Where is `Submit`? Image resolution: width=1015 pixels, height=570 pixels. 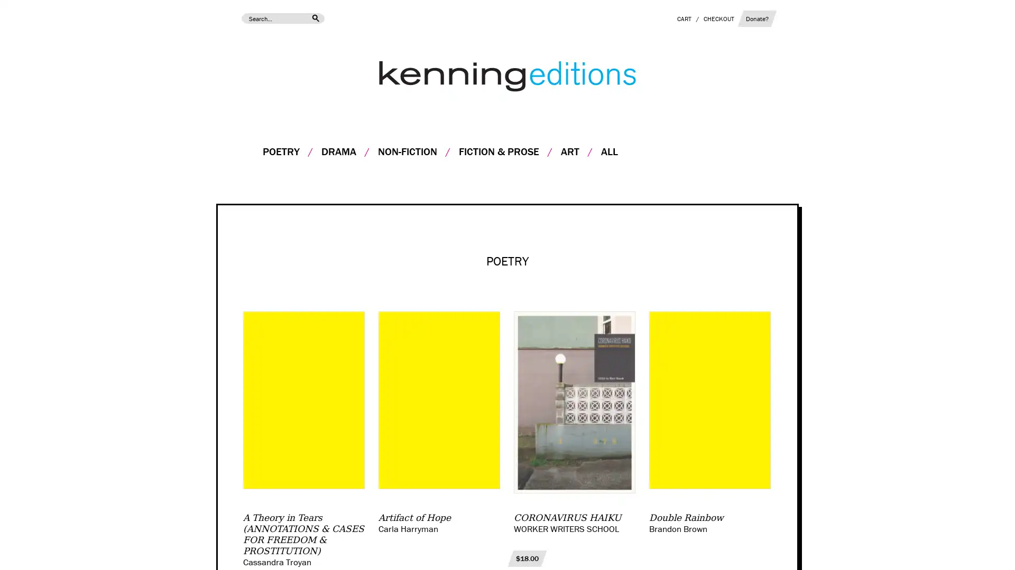 Submit is located at coordinates (314, 18).